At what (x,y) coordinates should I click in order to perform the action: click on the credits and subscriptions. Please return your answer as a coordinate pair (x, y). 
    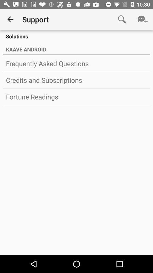
    Looking at the image, I should click on (76, 80).